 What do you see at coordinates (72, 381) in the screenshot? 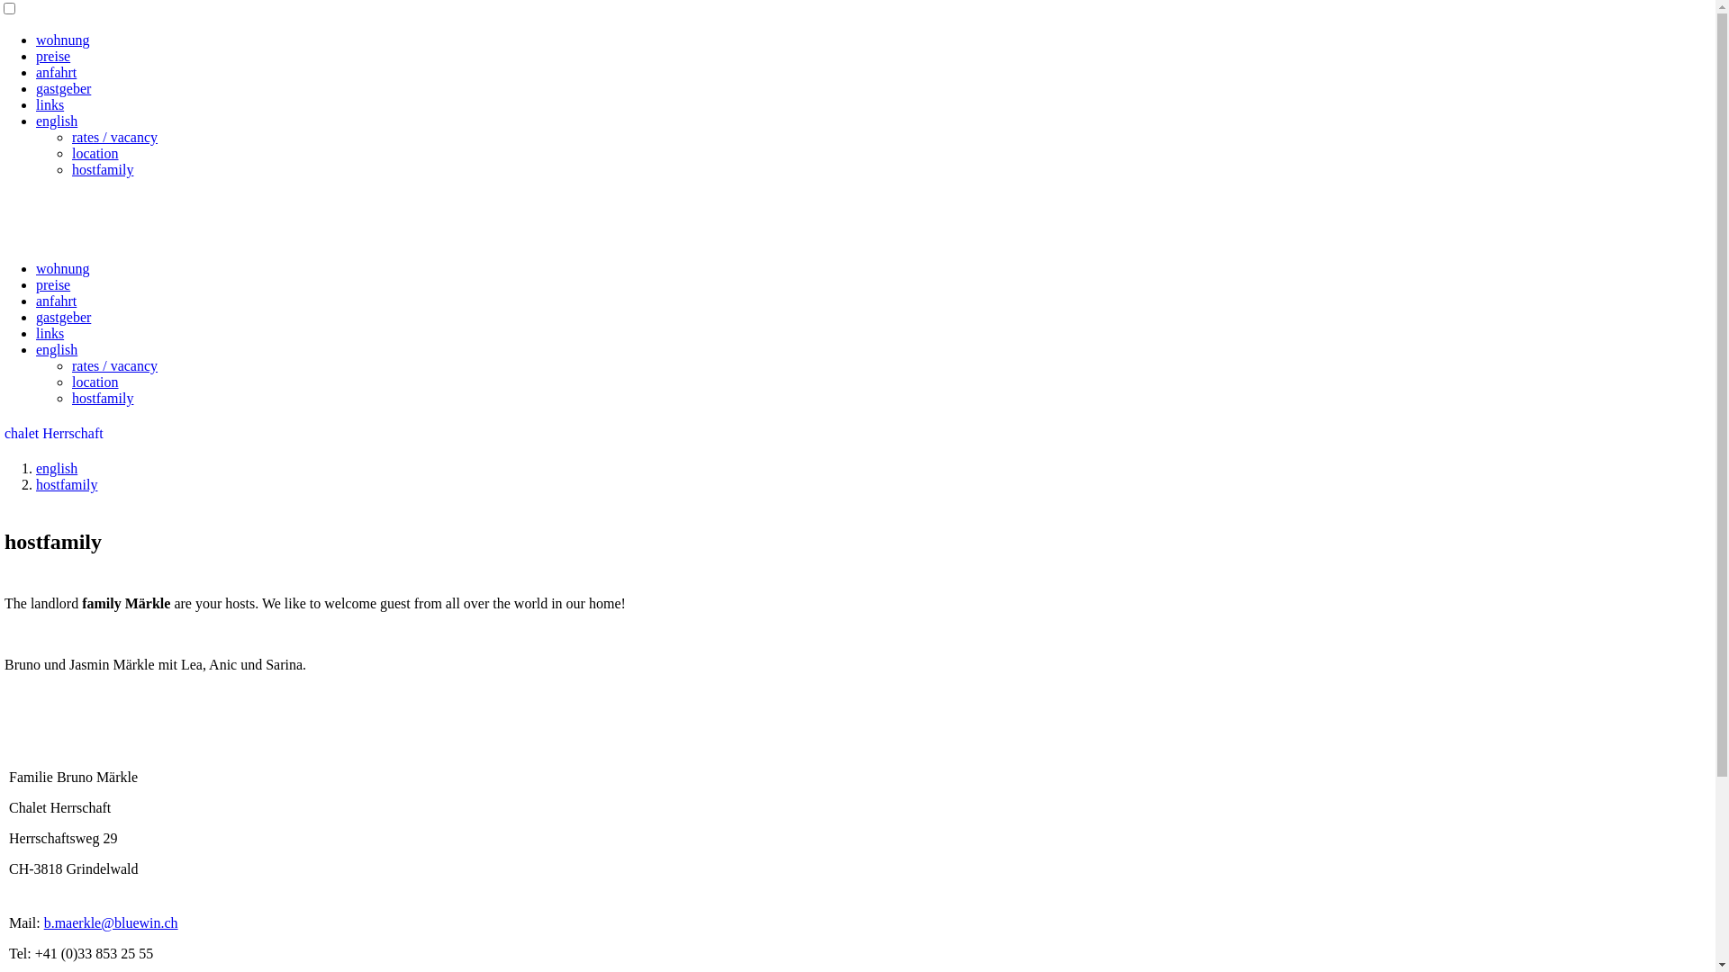
I see `'location'` at bounding box center [72, 381].